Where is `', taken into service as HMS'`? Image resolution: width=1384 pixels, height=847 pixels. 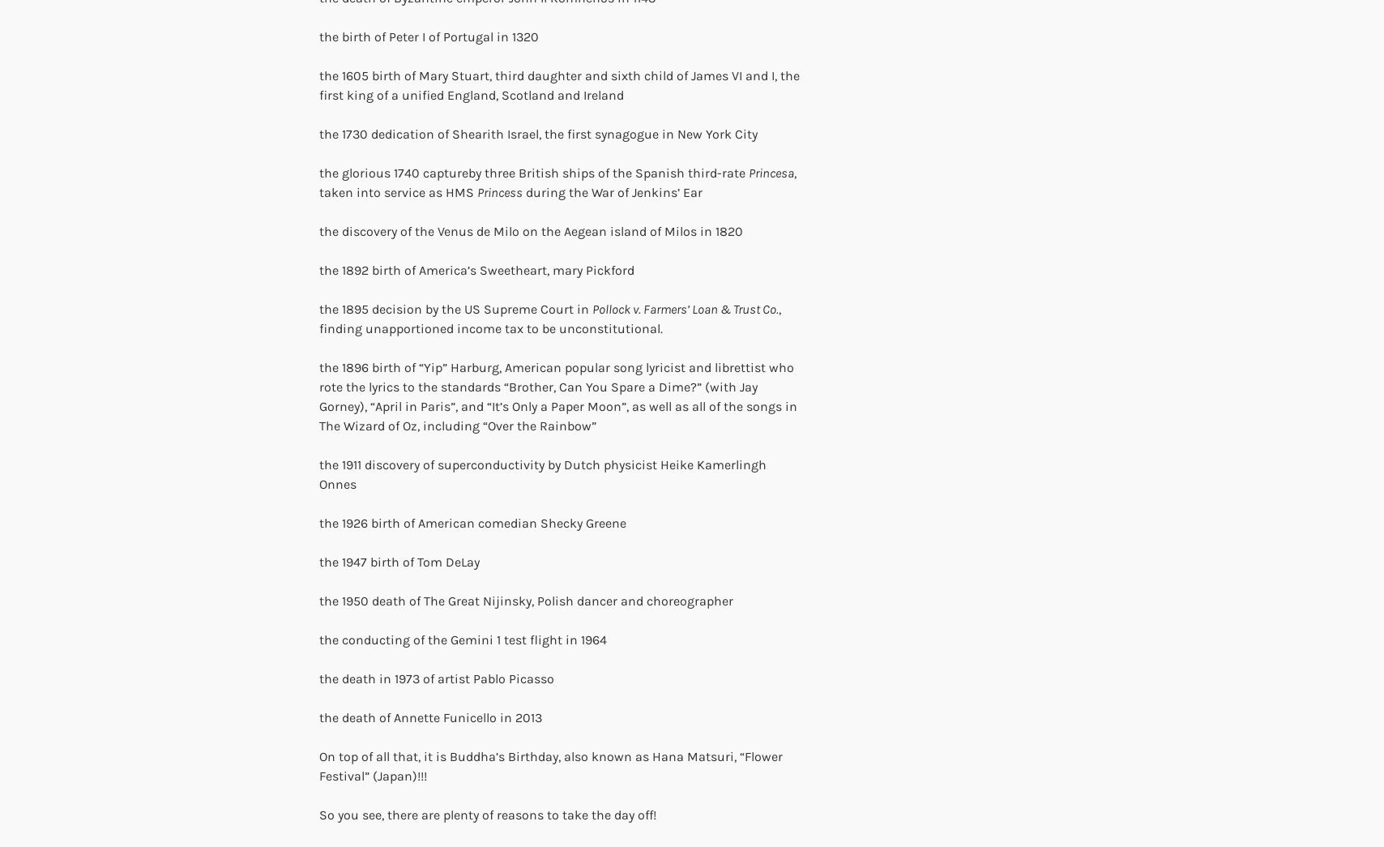
', taken into service as HMS' is located at coordinates (319, 182).